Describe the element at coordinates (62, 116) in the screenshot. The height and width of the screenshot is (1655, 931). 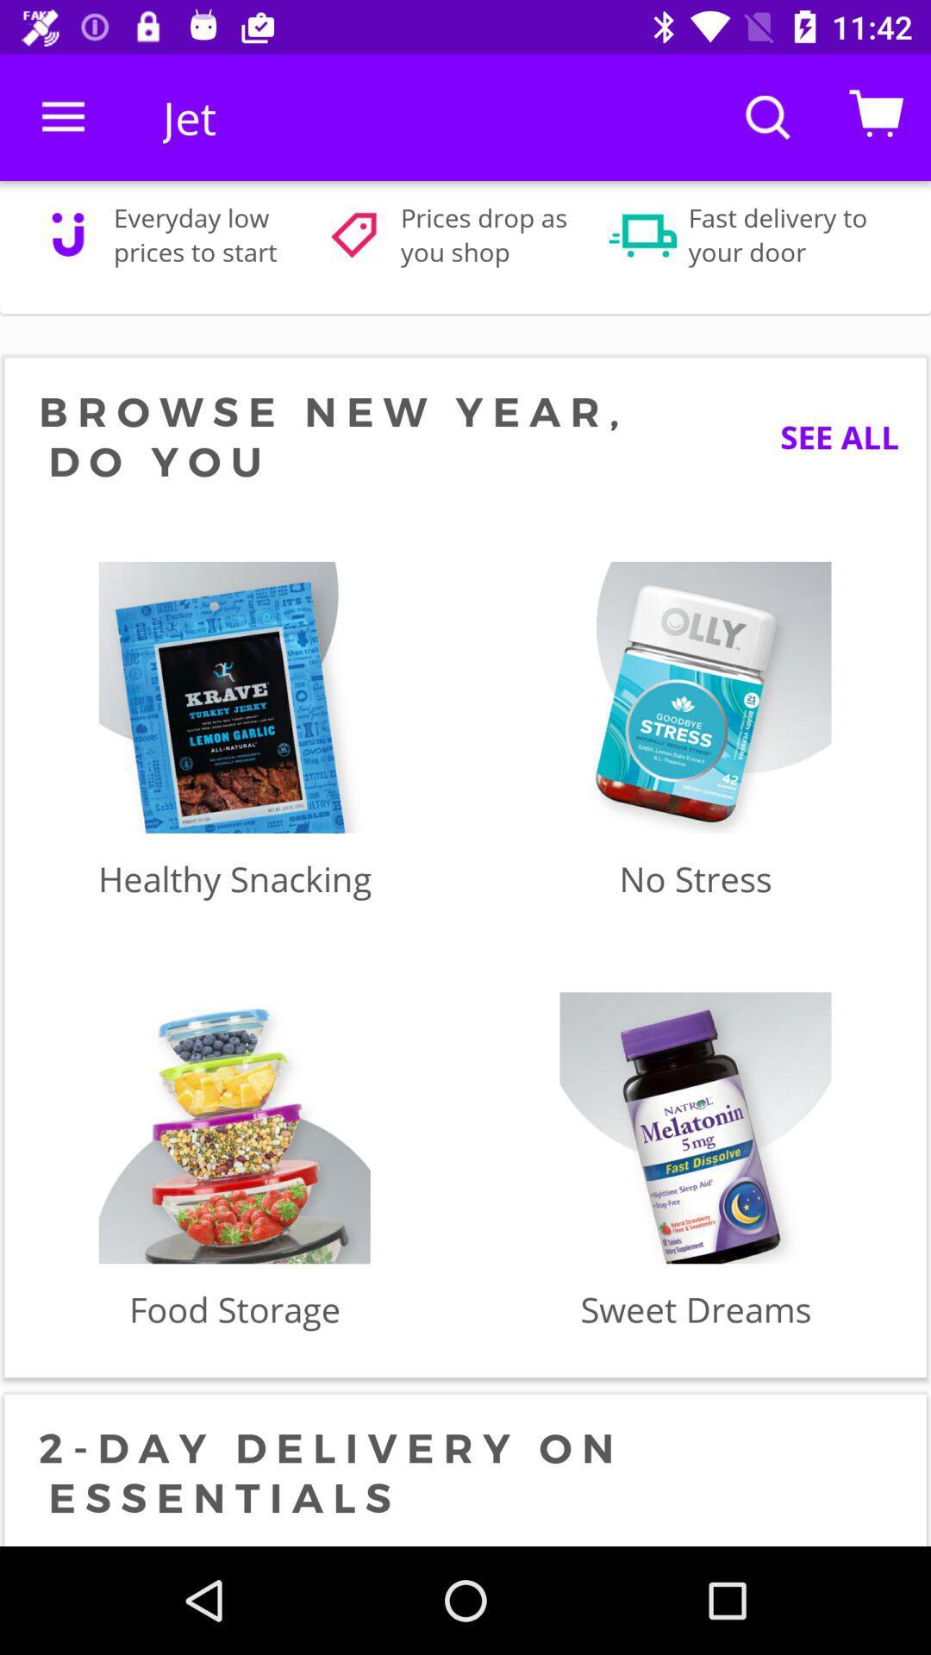
I see `icon next to jet icon` at that location.